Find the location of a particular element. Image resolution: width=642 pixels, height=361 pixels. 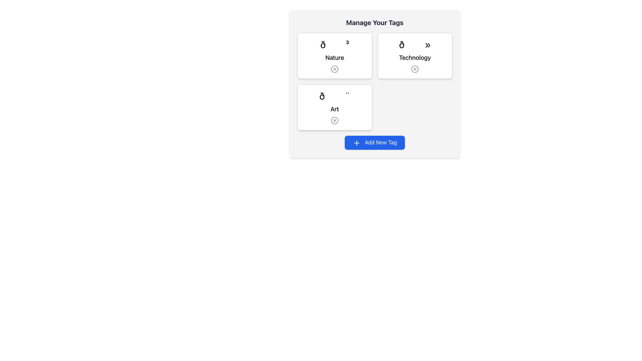

the outlined circle graphic element within the 'Technology' tag in the SVG interface is located at coordinates (415, 69).